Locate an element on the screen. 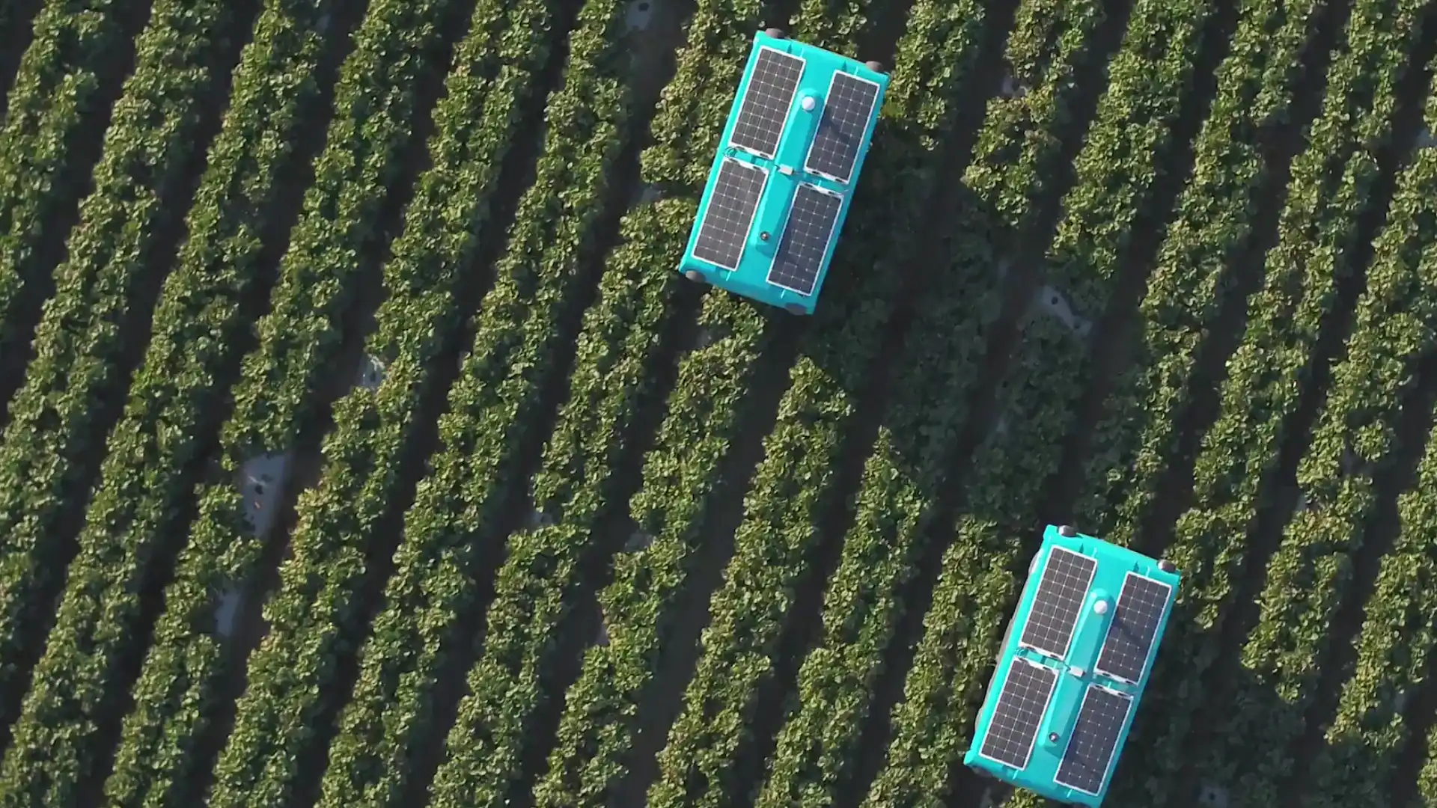 This screenshot has width=1437, height=808. Testing in the Australian skies Project Wing begins delivering food and other goods to families in rural areas around Canberra, Australia. is located at coordinates (758, 114).